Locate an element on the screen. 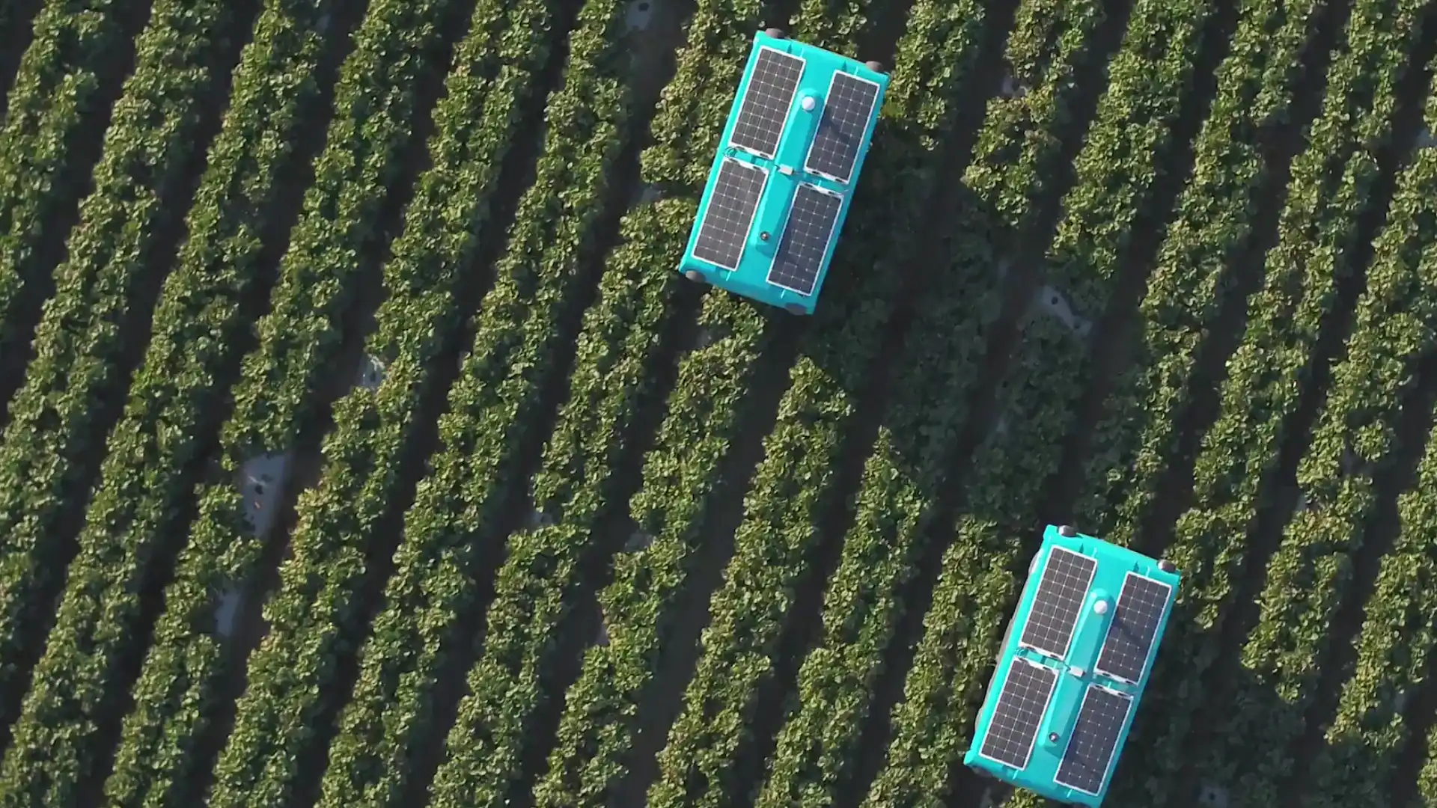 This screenshot has width=1437, height=808. Testing in the Australian skies Project Wing begins delivering food and other goods to families in rural areas around Canberra, Australia. is located at coordinates (758, 114).